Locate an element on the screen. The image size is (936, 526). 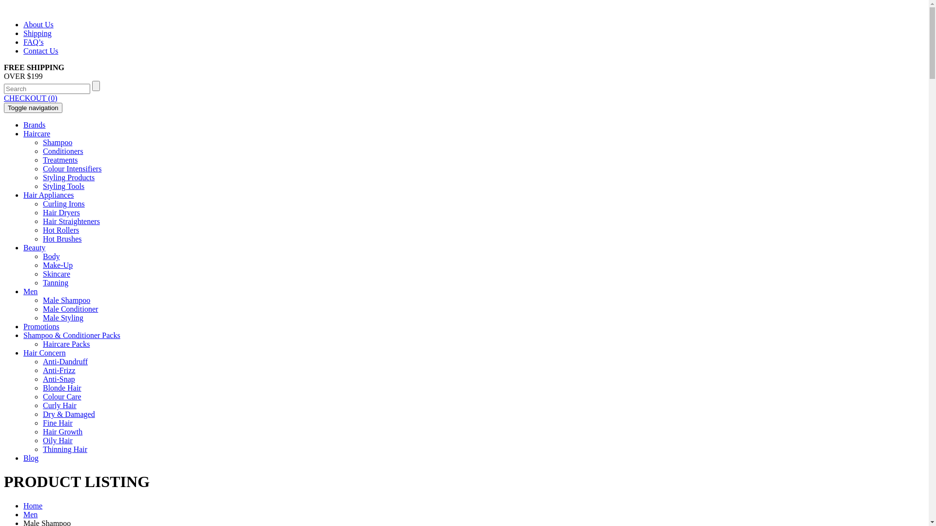
'Oily Hair' is located at coordinates (57, 440).